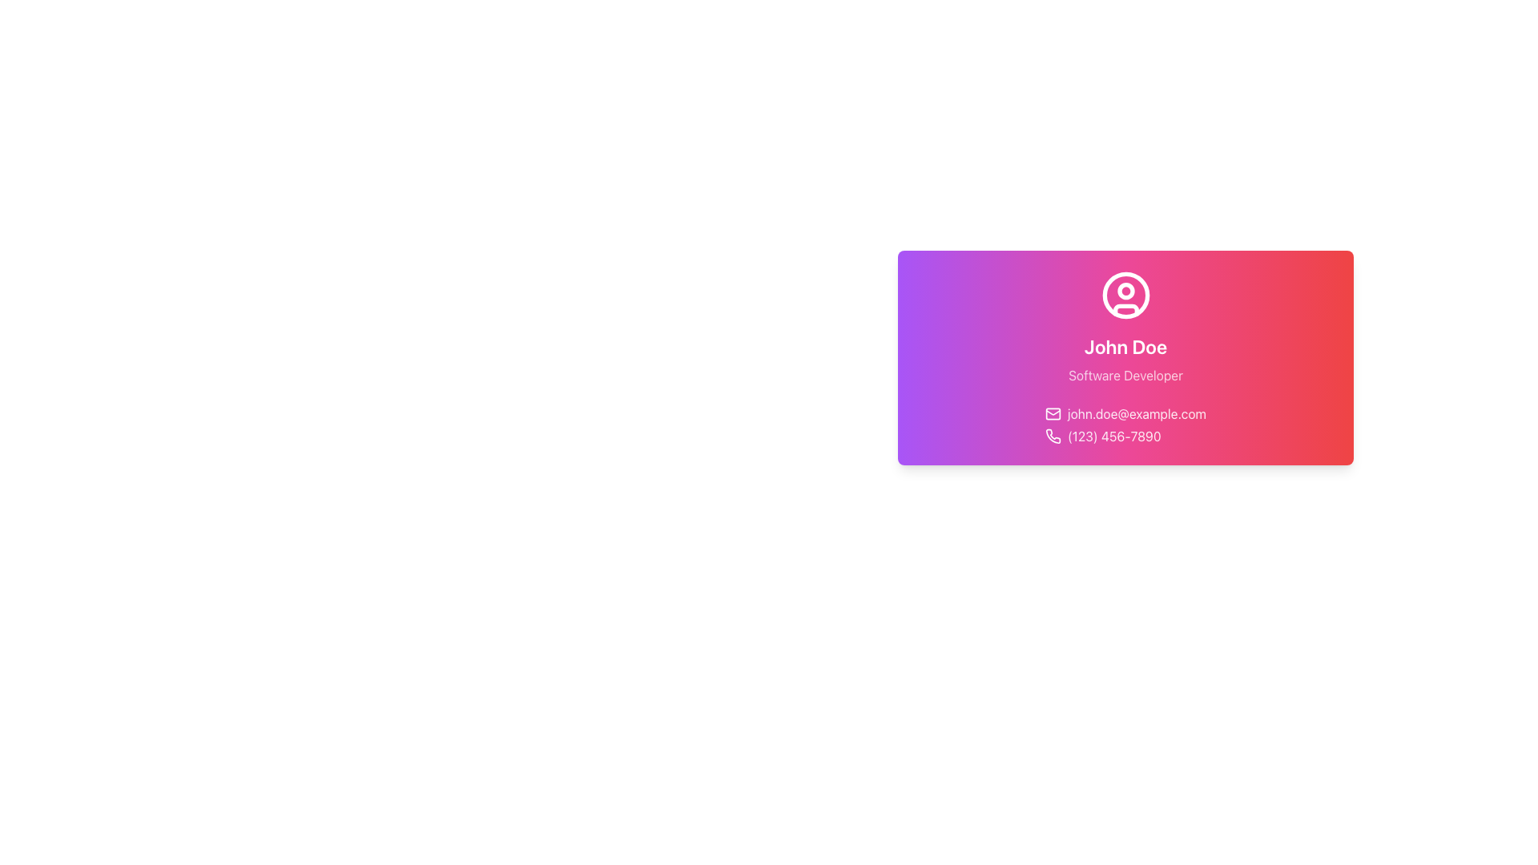  What do you see at coordinates (1125, 424) in the screenshot?
I see `the Contact Information Block which contains the user's email address and phone number, located centrally under the 'Software Developer' text in the card component` at bounding box center [1125, 424].